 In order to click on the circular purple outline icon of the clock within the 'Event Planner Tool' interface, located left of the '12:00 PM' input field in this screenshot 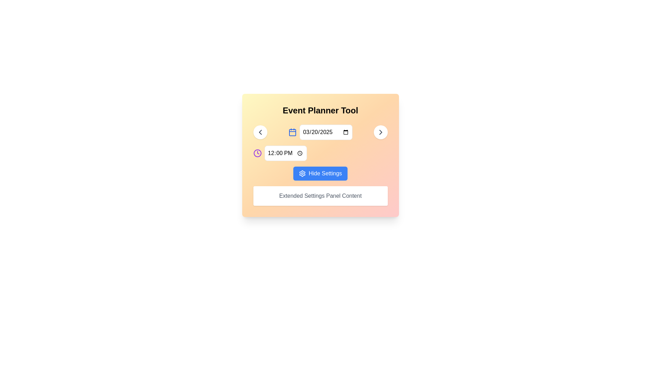, I will do `click(257, 153)`.